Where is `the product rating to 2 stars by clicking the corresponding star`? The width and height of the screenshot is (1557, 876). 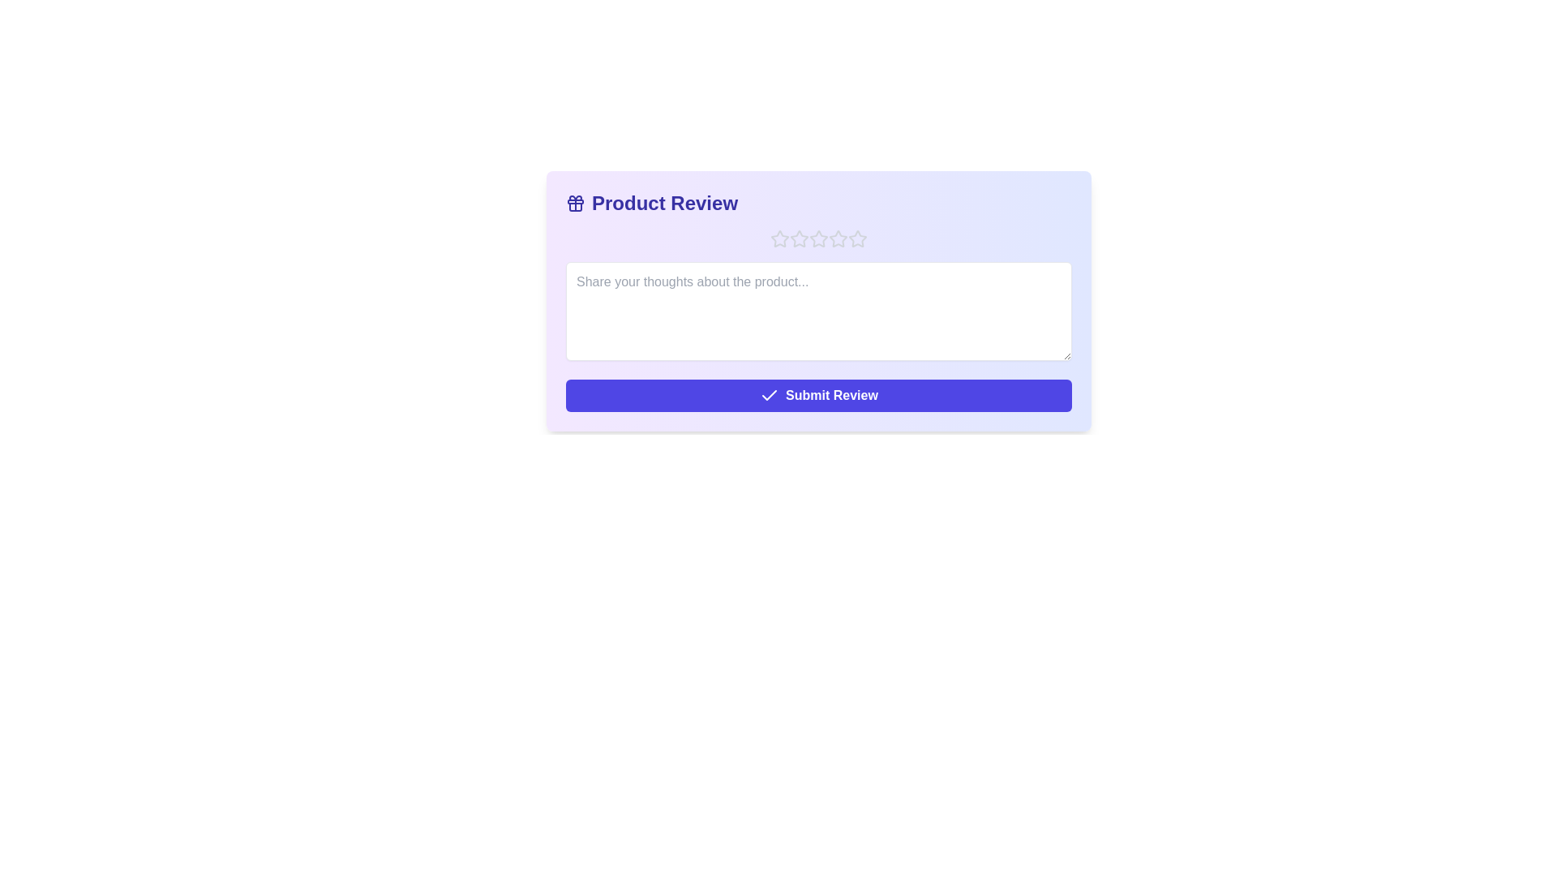
the product rating to 2 stars by clicking the corresponding star is located at coordinates (799, 238).